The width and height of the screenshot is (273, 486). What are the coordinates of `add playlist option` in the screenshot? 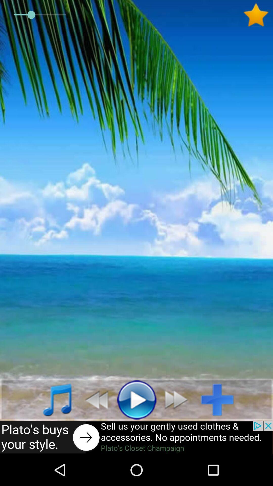 It's located at (221, 399).